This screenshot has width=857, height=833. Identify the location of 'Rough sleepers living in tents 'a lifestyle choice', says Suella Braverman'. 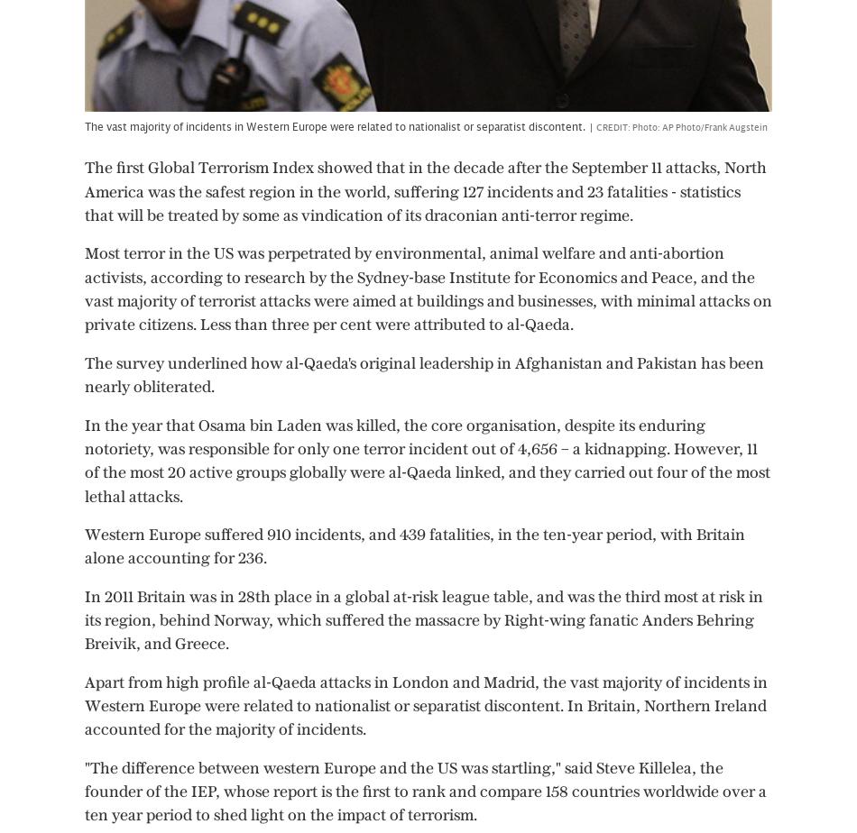
(14, 627).